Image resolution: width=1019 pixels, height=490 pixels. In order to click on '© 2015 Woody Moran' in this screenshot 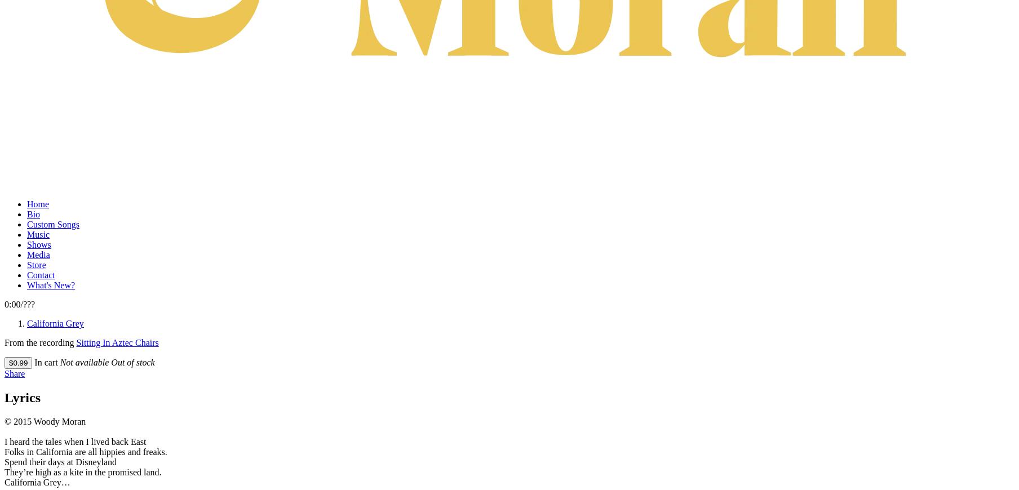, I will do `click(4, 421)`.